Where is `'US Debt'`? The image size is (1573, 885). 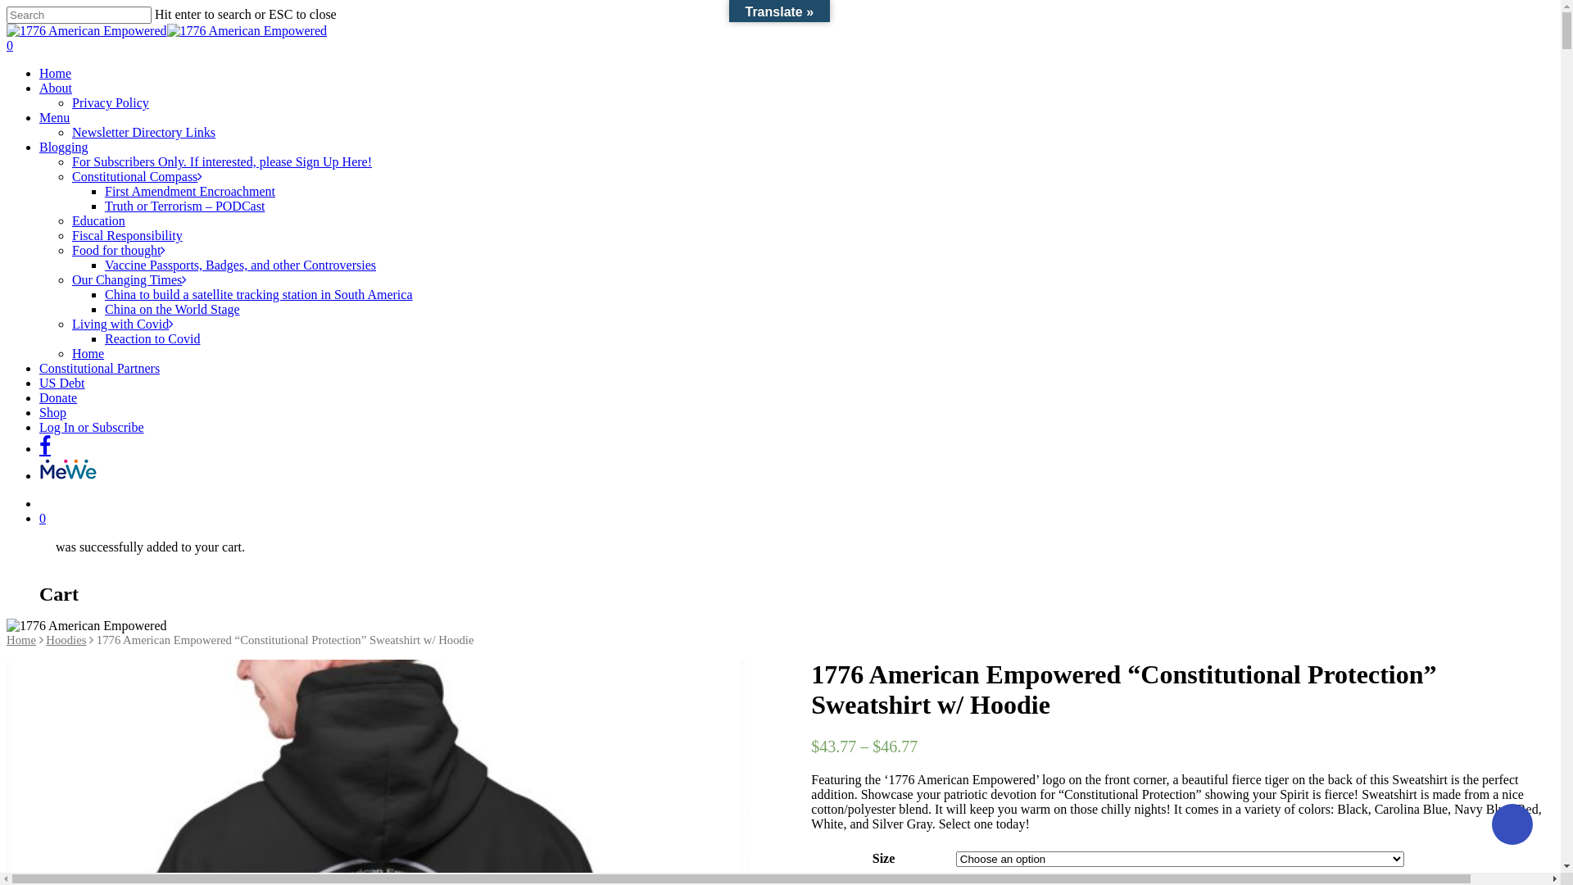
'US Debt' is located at coordinates (62, 383).